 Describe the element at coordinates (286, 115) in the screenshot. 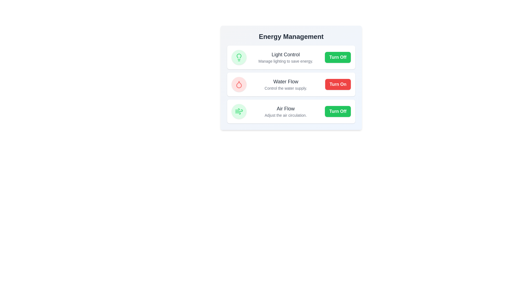

I see `the static text element that provides a brief description for the 'Air Flow' section, located directly beneath the 'Air Flow' title` at that location.